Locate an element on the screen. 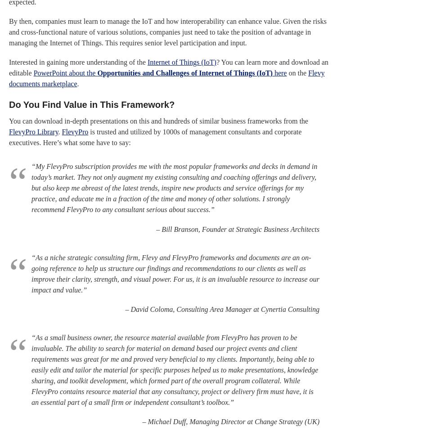 Image resolution: width=441 pixels, height=430 pixels. '“My FlevyPro subscription provides me with the most popular frameworks and decks in demand in today’s market. They not only augment my existing consulting and coaching offerings and delivery, but also keep me abreast of the latest trends, inspire new products and service offerings for my practice, and educate me in a fraction of the time and money of other solutions. I strongly recommend FlevyPro to any consultant serious about success.”' is located at coordinates (174, 187).